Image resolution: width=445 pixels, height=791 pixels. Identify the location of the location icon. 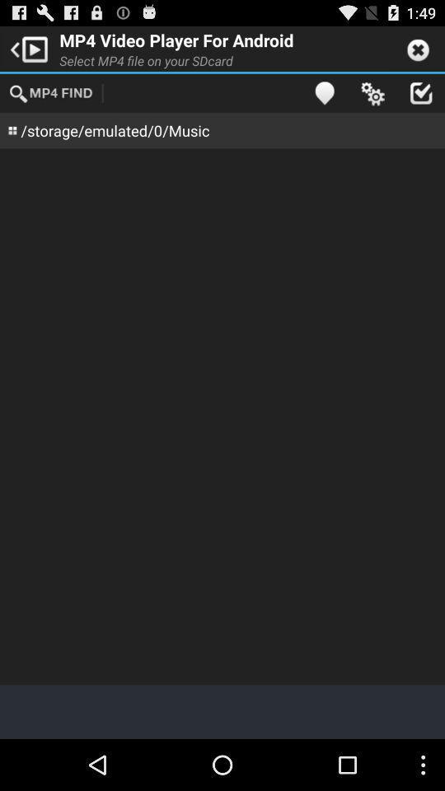
(324, 99).